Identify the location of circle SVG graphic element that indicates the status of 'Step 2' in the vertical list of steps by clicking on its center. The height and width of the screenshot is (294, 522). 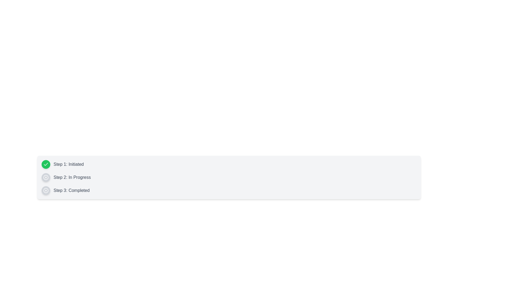
(46, 177).